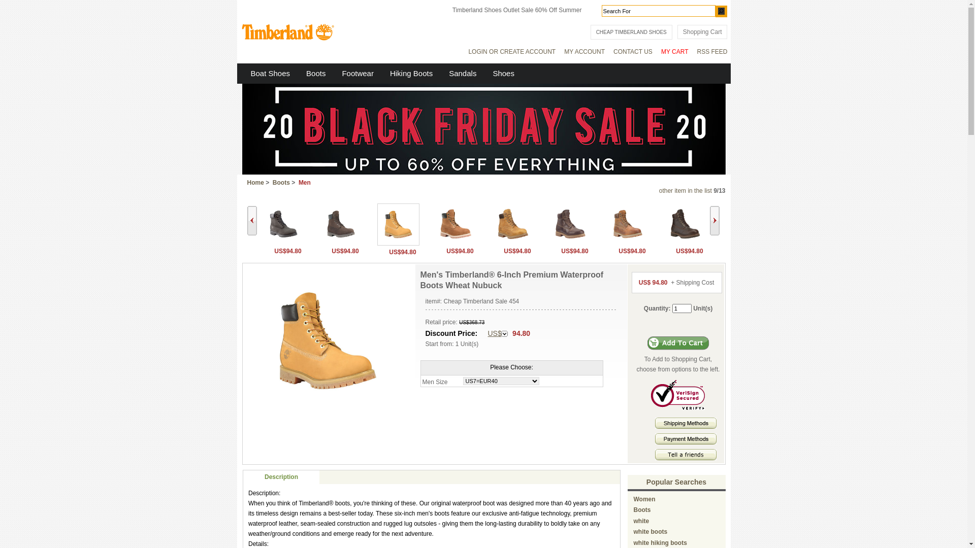  What do you see at coordinates (251, 220) in the screenshot?
I see `'Back'` at bounding box center [251, 220].